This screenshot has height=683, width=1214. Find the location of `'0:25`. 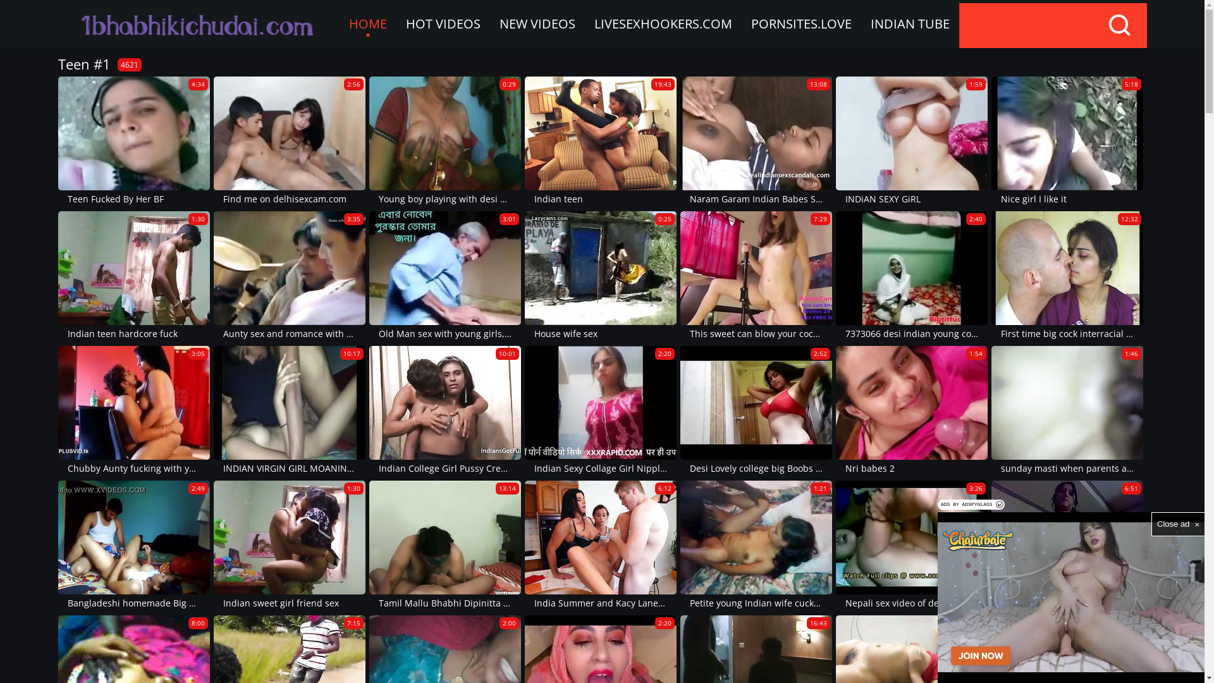

'0:25 is located at coordinates (600, 276).